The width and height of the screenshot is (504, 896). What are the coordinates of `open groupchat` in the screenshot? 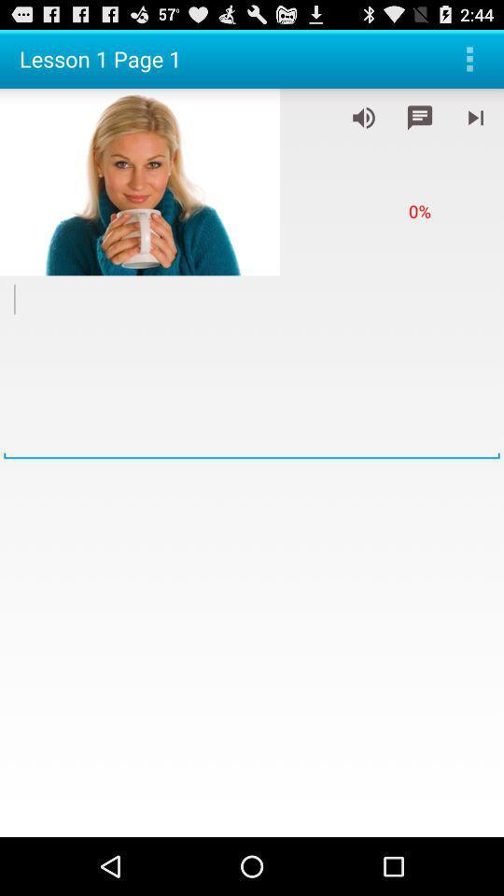 It's located at (419, 117).